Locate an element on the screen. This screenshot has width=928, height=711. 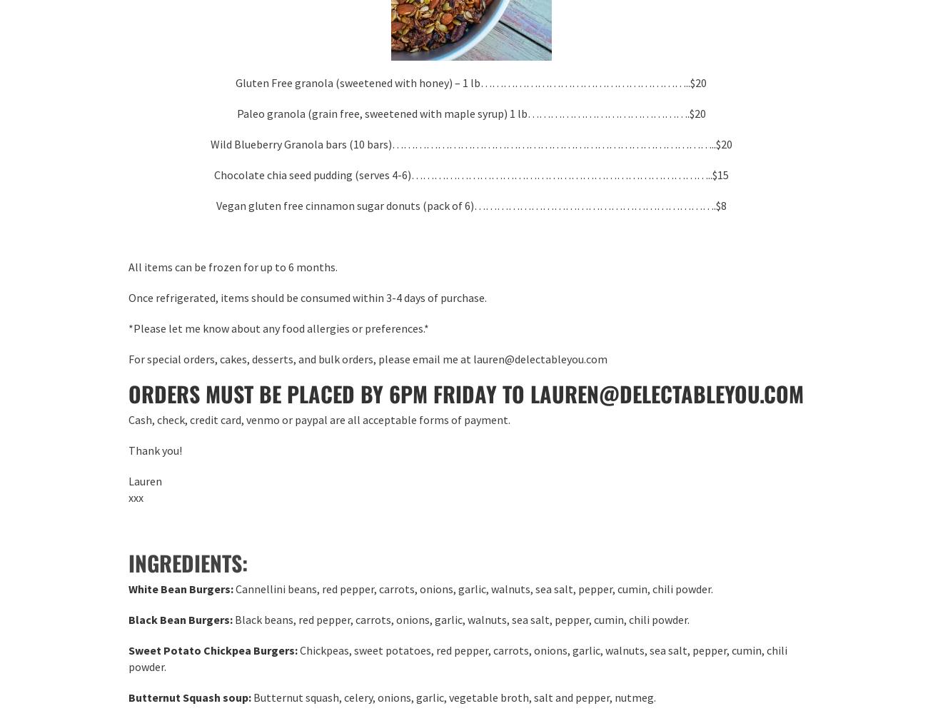
'Wild Blueberry Granola bars (10 bars)…………………………………………………………………………..$20' is located at coordinates (470, 143).